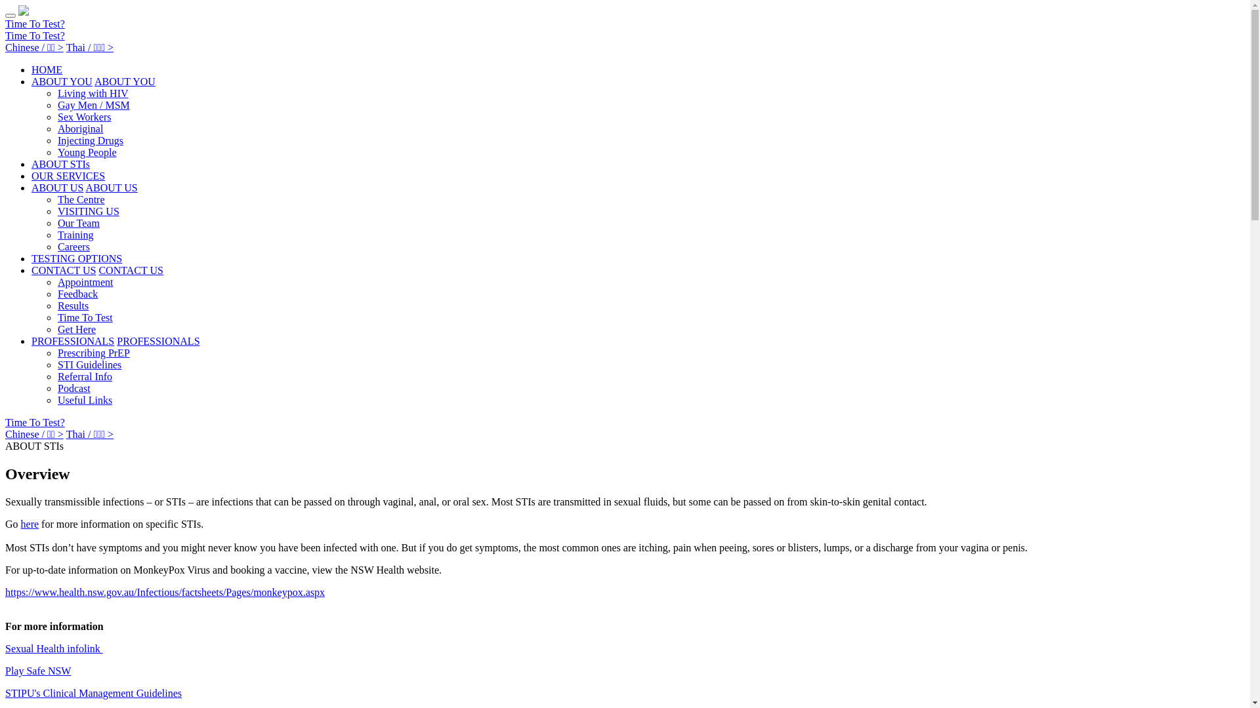 The height and width of the screenshot is (708, 1260). I want to click on 'ABOUT YOU', so click(125, 81).